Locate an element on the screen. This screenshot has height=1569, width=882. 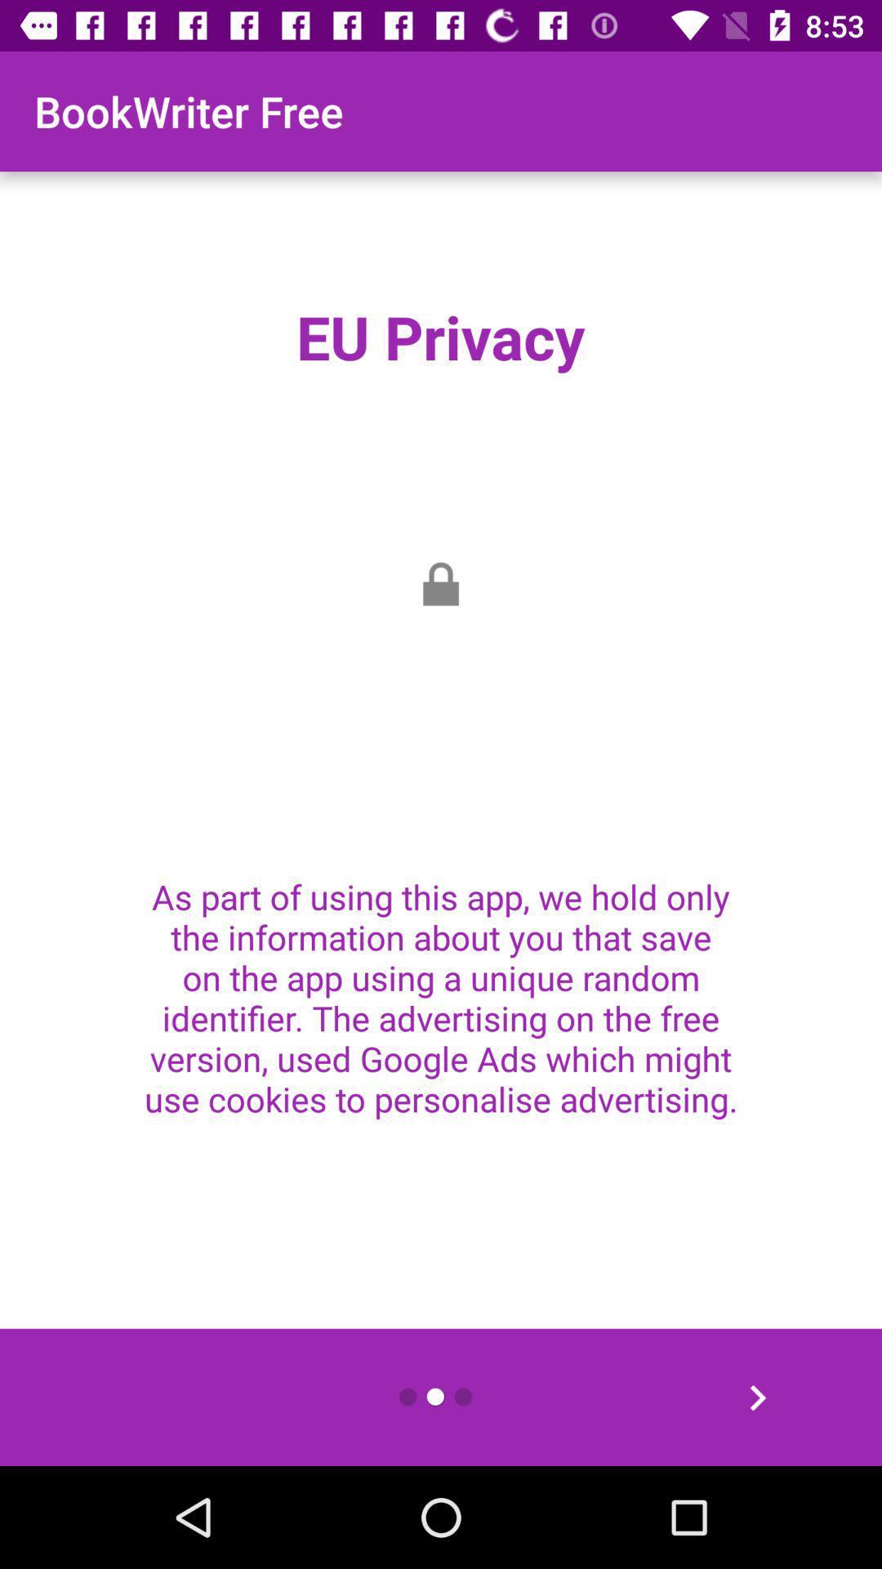
the item at the bottom right corner is located at coordinates (757, 1397).